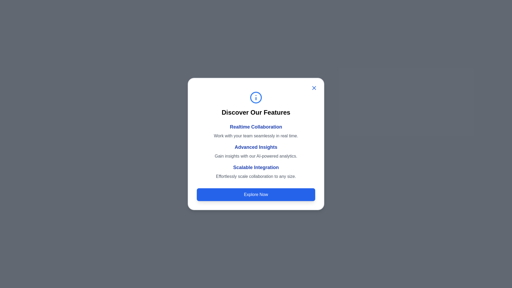 The width and height of the screenshot is (512, 288). What do you see at coordinates (256, 172) in the screenshot?
I see `the Informational Section titled 'Scalable Integration', which includes the description 'Effortlessly scale collaboration to any size.'` at bounding box center [256, 172].